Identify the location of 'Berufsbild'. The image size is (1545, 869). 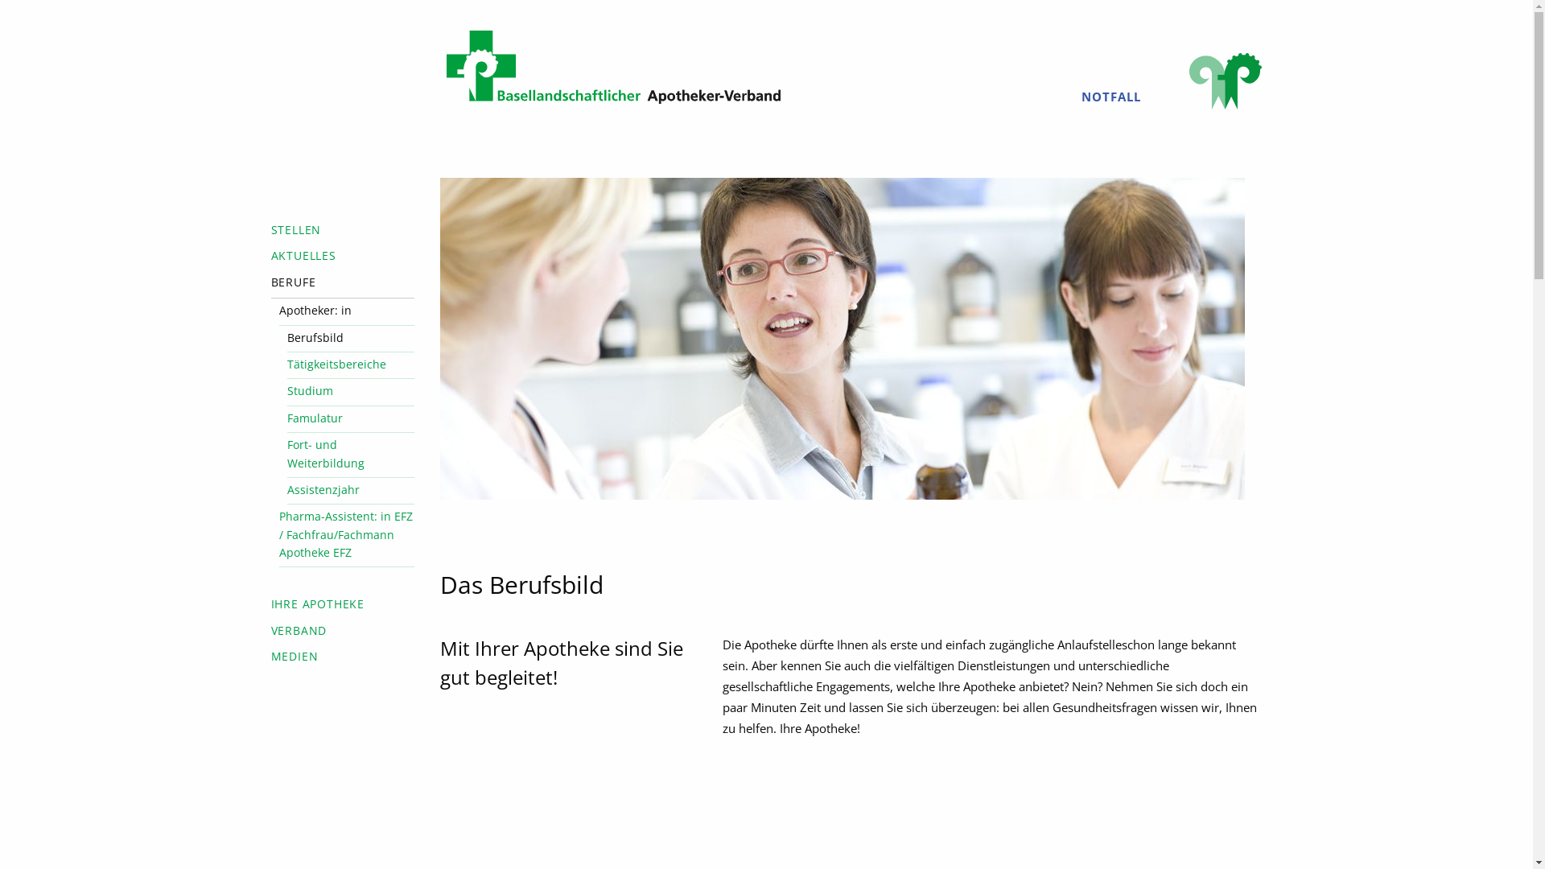
(349, 340).